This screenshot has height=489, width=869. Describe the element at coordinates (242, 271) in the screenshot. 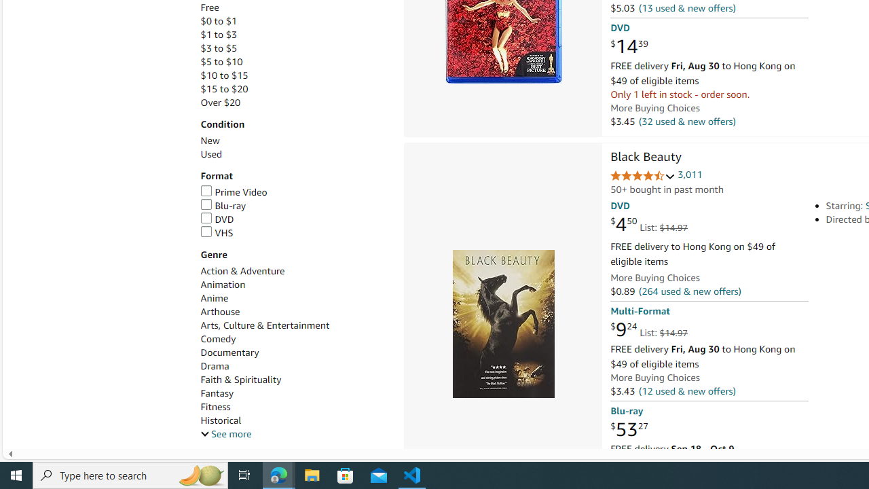

I see `'Action & Adventure'` at that location.